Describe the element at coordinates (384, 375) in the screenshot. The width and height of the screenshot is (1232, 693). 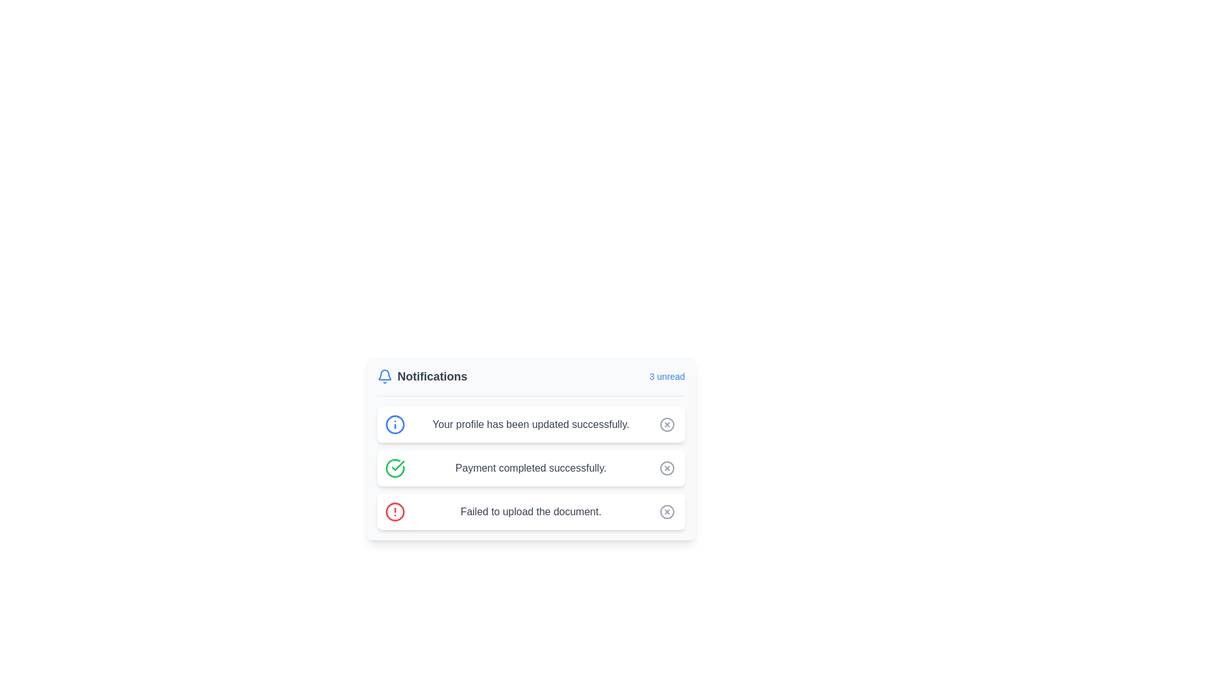
I see `the bell icon located at the leftmost side of the horizontal layout, which indicates notifications for new messages or updates` at that location.